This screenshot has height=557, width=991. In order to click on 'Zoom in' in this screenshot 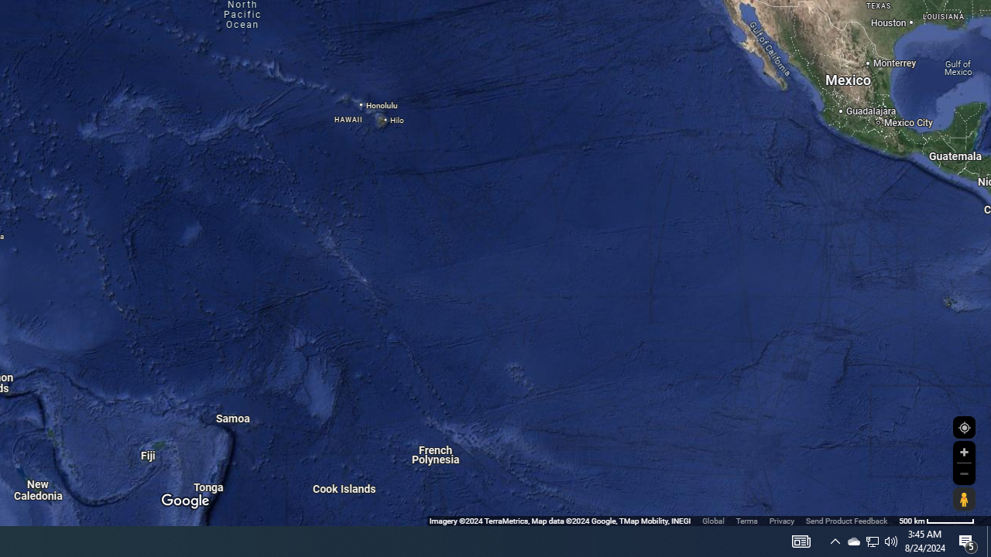, I will do `click(963, 452)`.